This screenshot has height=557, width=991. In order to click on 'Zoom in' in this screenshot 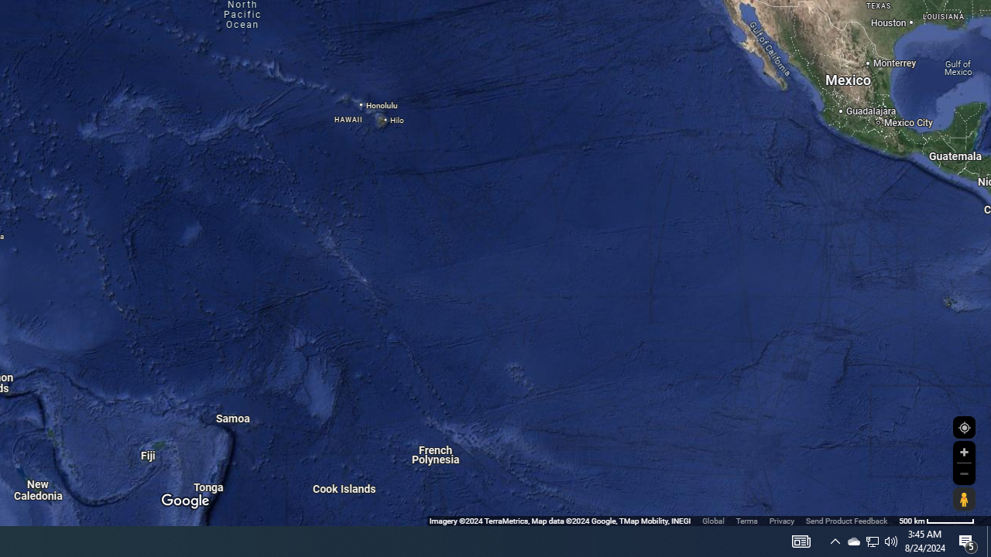, I will do `click(963, 452)`.